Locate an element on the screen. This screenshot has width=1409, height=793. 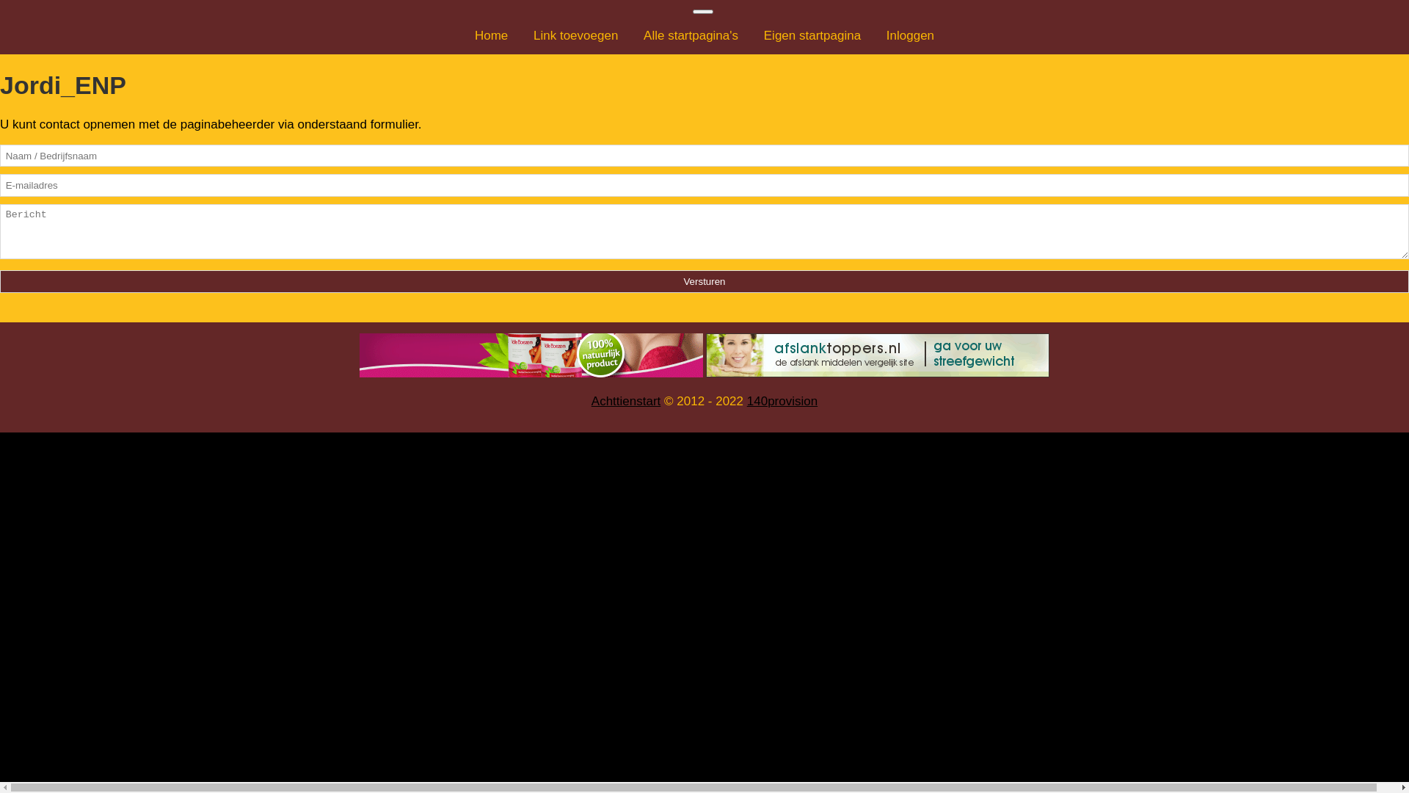
'De beste afslankmiddelen op een site' is located at coordinates (877, 355).